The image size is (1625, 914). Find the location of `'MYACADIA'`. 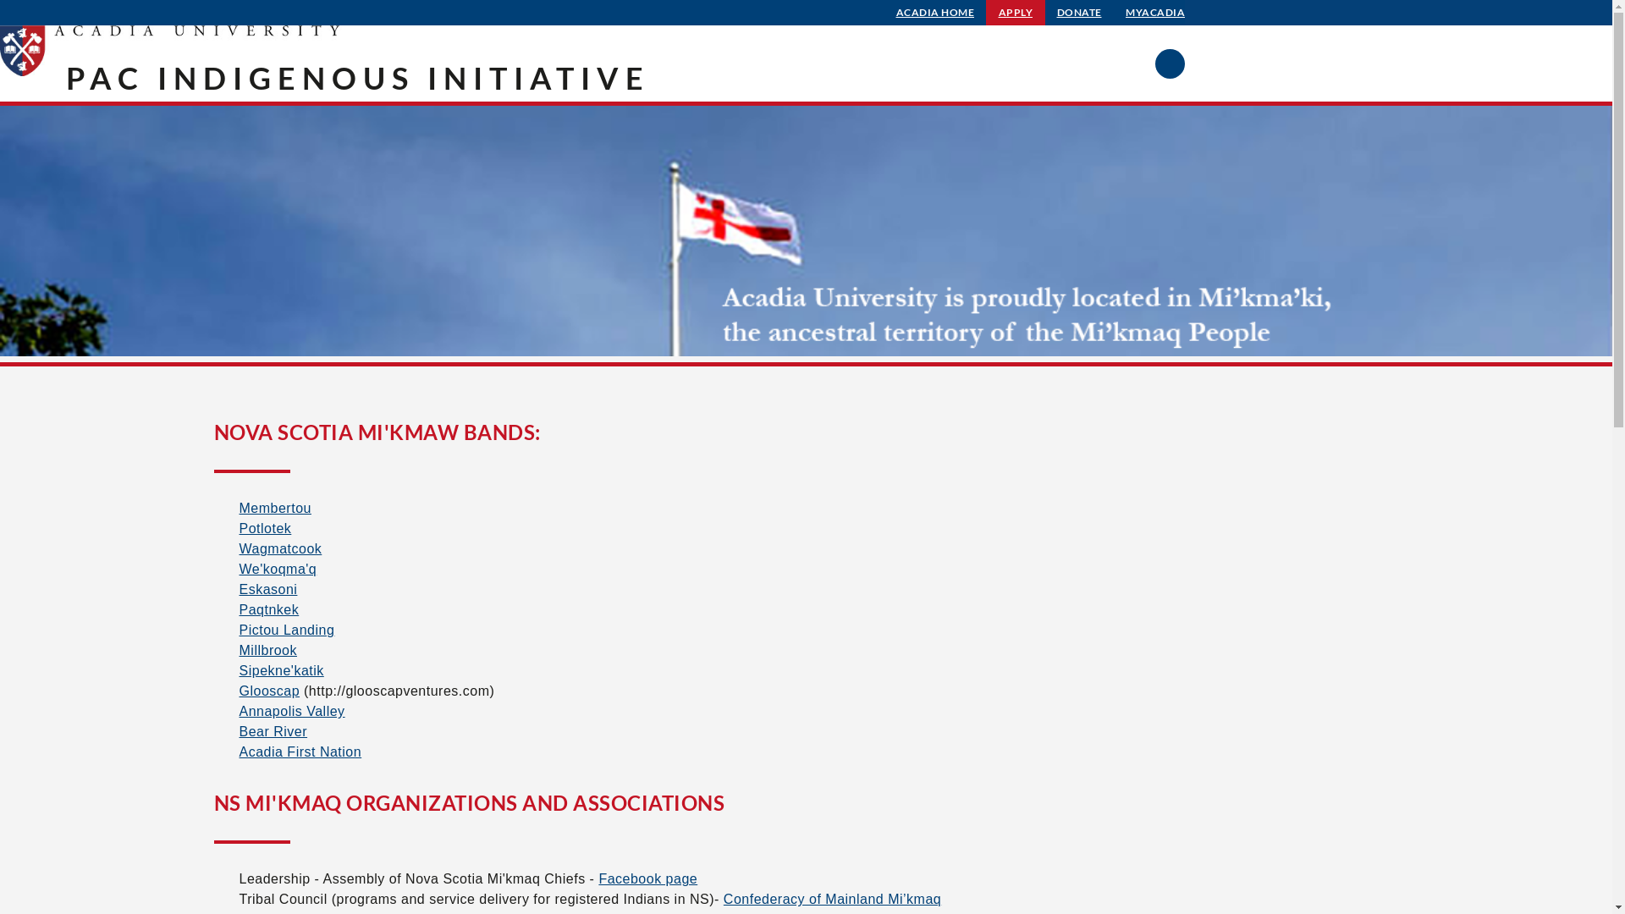

'MYACADIA' is located at coordinates (1154, 13).